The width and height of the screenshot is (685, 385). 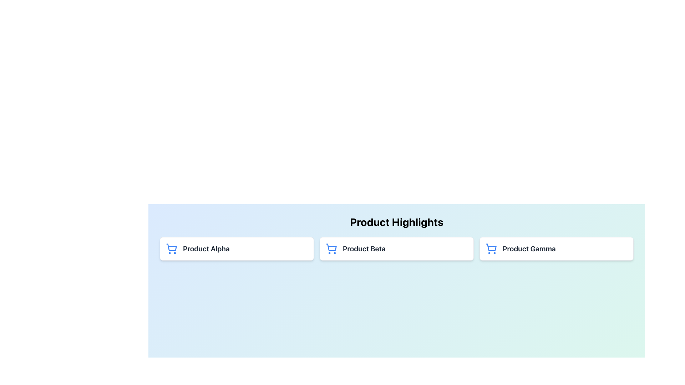 What do you see at coordinates (556, 248) in the screenshot?
I see `the group containing the blue shopping cart icon and the bold text 'Product Gamma'` at bounding box center [556, 248].